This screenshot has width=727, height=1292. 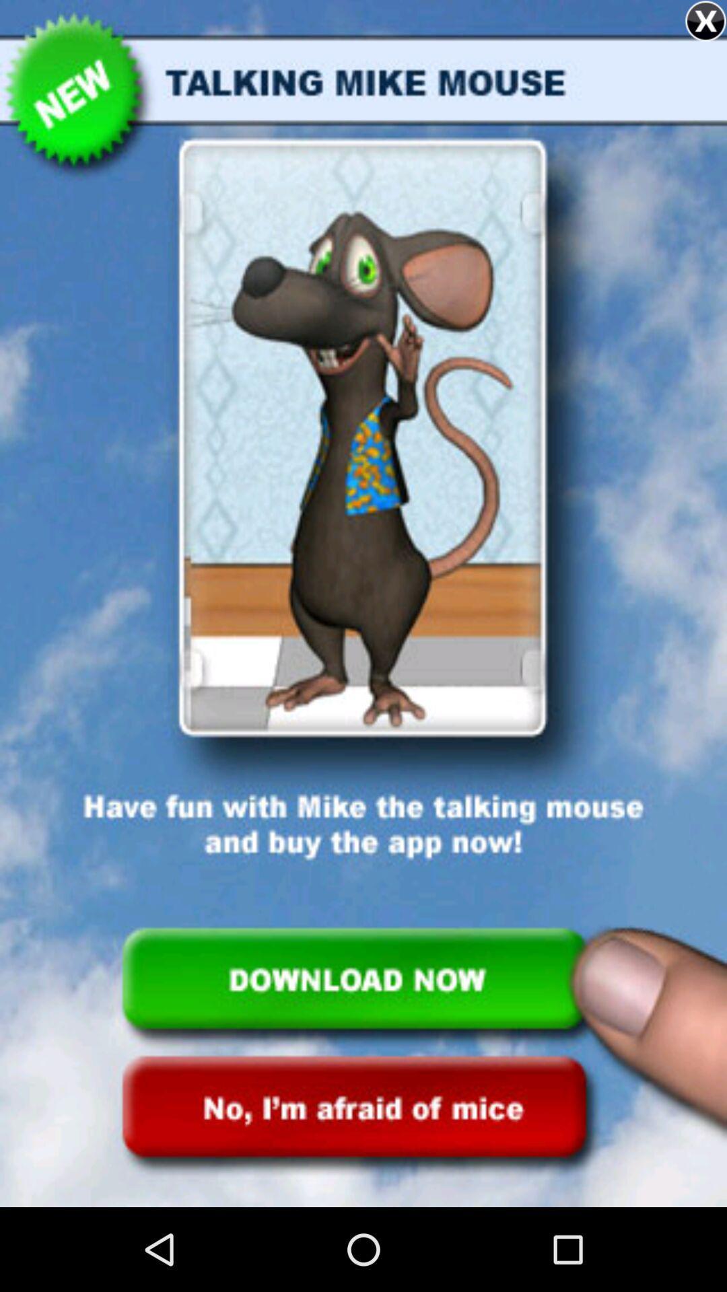 I want to click on the close icon, so click(x=705, y=22).